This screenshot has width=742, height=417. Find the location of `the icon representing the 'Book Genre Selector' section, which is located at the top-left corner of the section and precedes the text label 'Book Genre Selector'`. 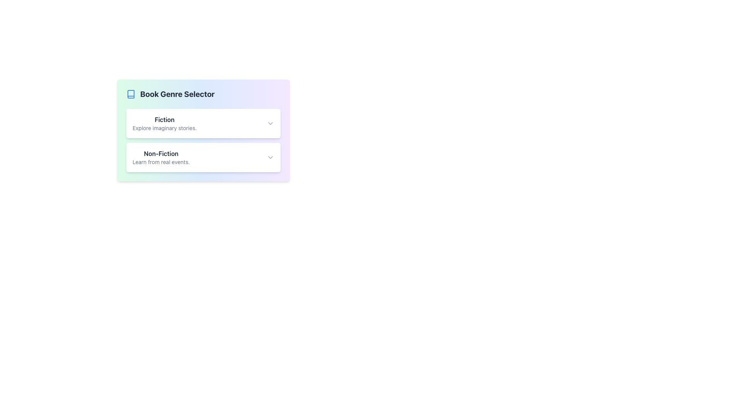

the icon representing the 'Book Genre Selector' section, which is located at the top-left corner of the section and precedes the text label 'Book Genre Selector' is located at coordinates (131, 93).